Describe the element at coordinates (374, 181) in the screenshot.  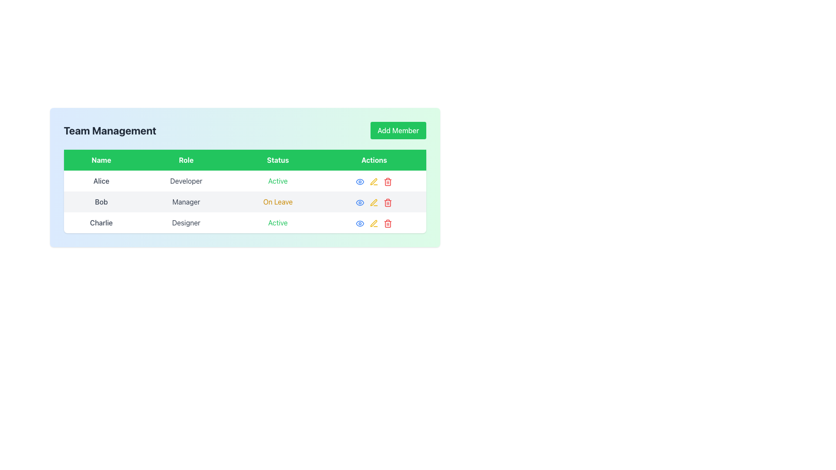
I see `the pencil icon in the 'Actions' column of the table associated with the row labeled 'Bob' to invoke edit mode` at that location.